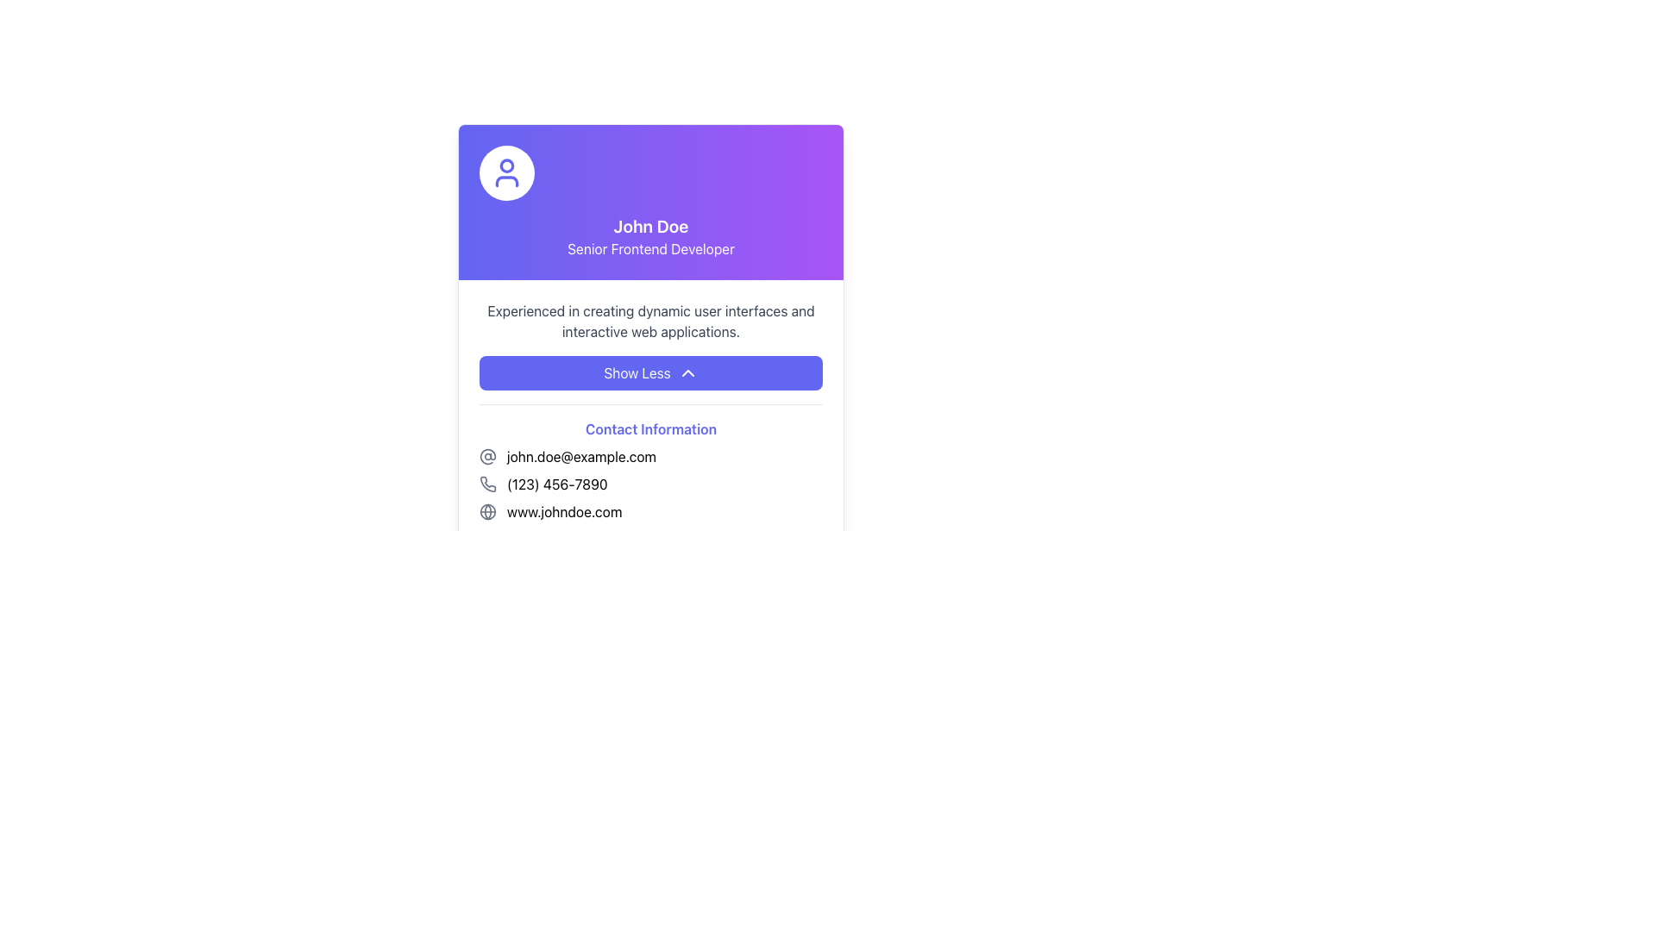  I want to click on the circular globe icon component, which is part of the contact information card at the bottom of the interface, so click(487, 511).